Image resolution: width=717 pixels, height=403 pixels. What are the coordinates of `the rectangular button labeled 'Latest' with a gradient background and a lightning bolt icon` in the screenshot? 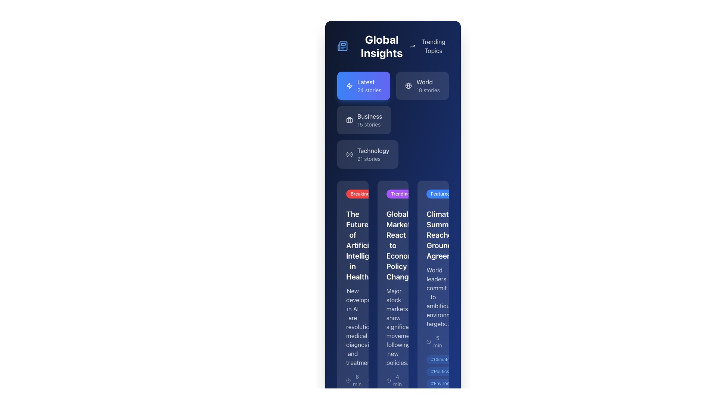 It's located at (364, 85).